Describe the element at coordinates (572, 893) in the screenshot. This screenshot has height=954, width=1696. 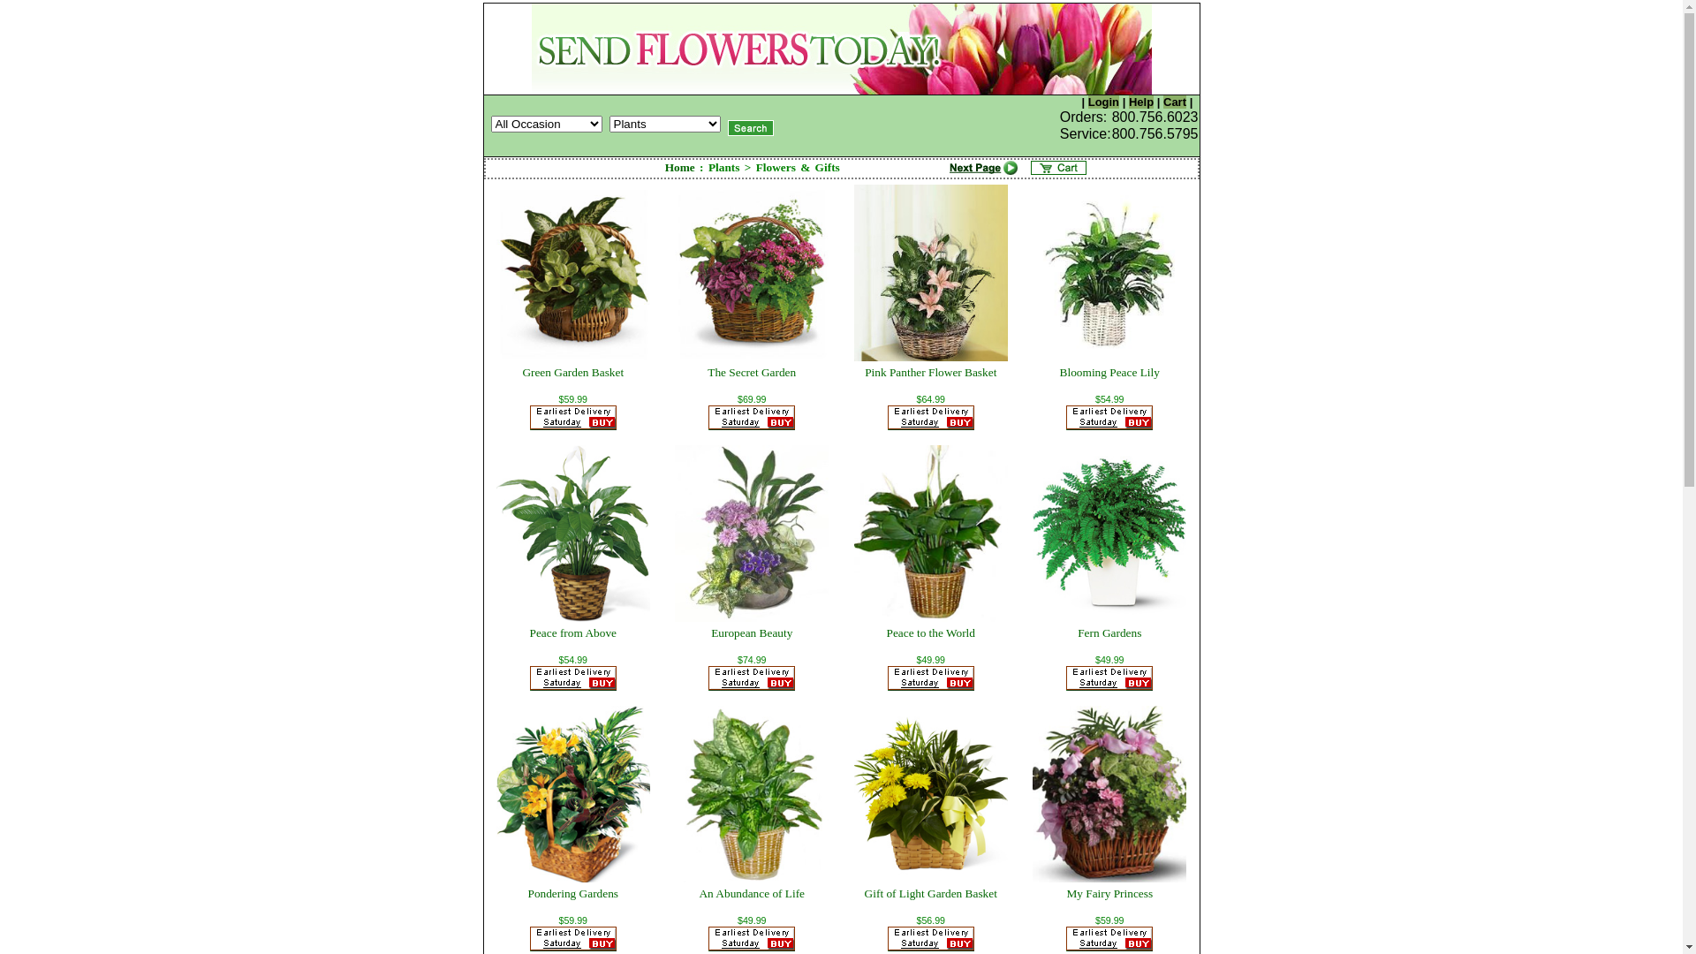
I see `'Pondering Gardens'` at that location.